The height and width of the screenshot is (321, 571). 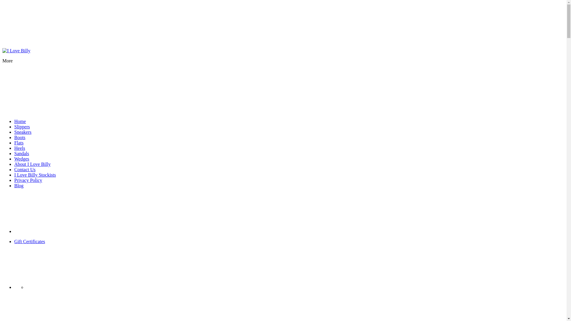 I want to click on 'About I Love Billy', so click(x=32, y=164).